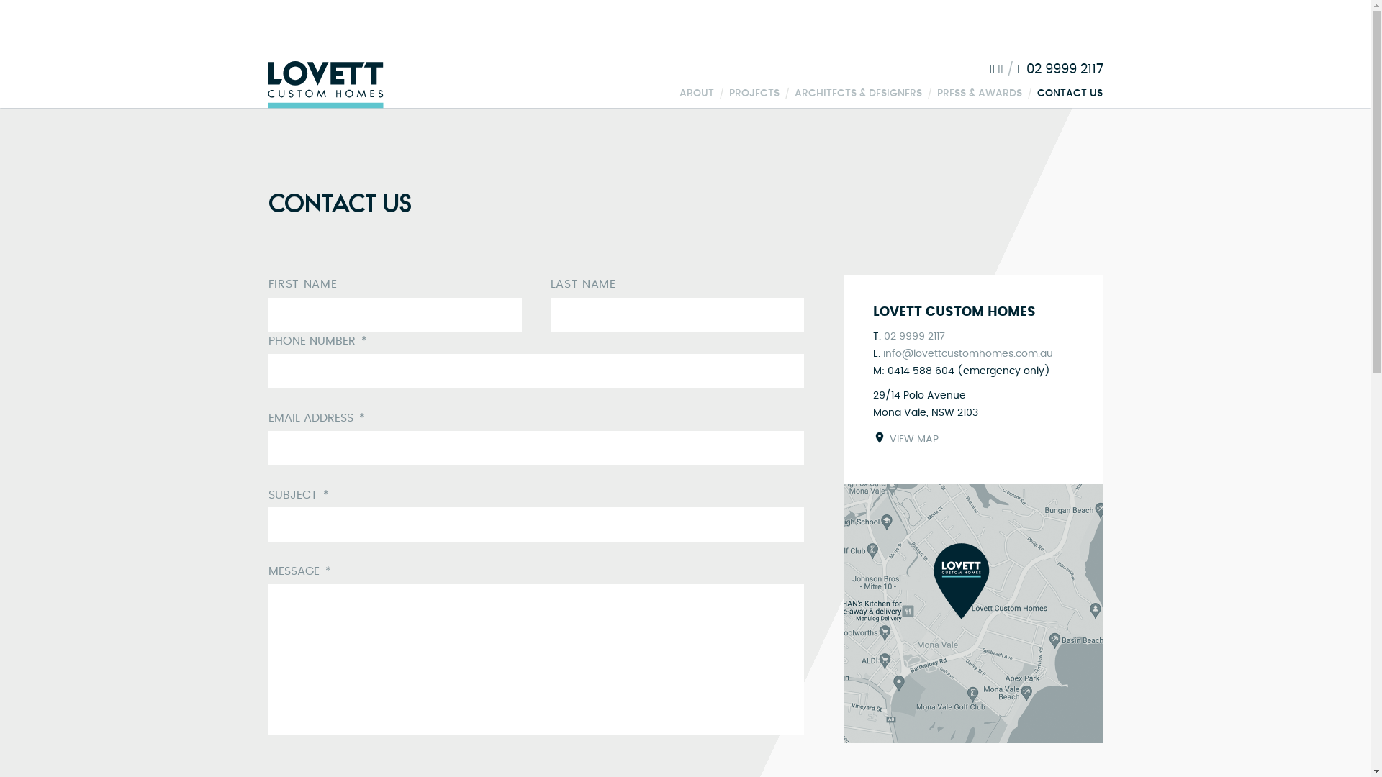 This screenshot has width=1382, height=777. What do you see at coordinates (858, 93) in the screenshot?
I see `'ARCHITECTS & DESIGNERS'` at bounding box center [858, 93].